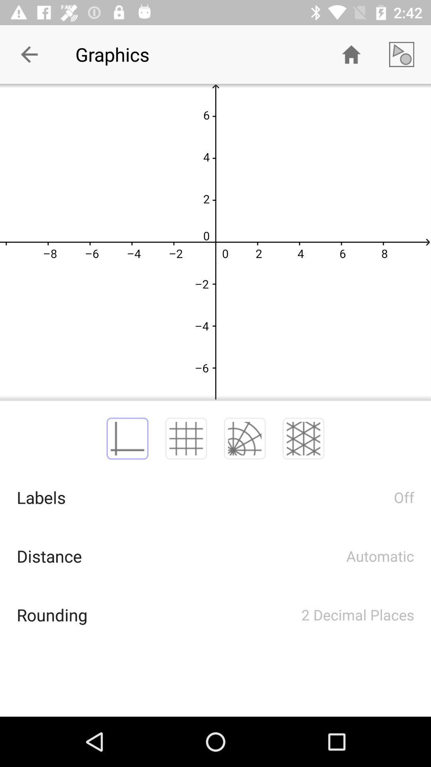 This screenshot has height=767, width=431. I want to click on the perpendicular axis line, so click(127, 438).